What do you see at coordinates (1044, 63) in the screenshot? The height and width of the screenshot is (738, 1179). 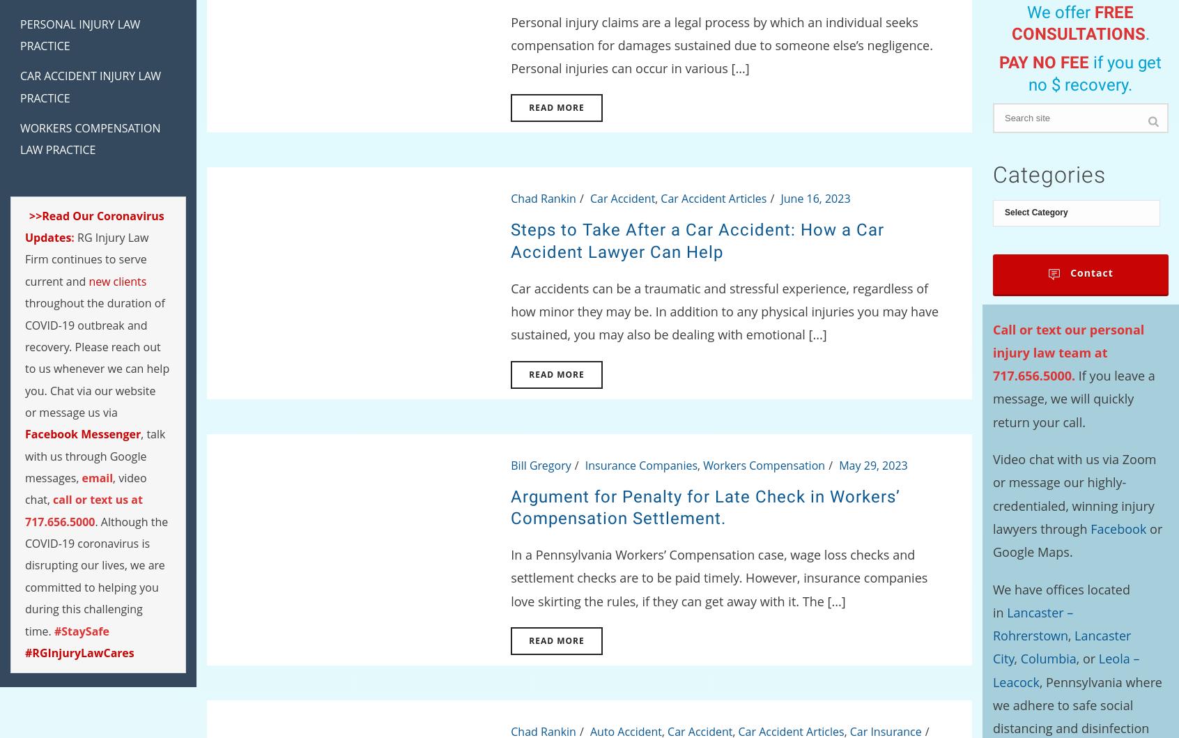 I see `'PAY NO FEE'` at bounding box center [1044, 63].